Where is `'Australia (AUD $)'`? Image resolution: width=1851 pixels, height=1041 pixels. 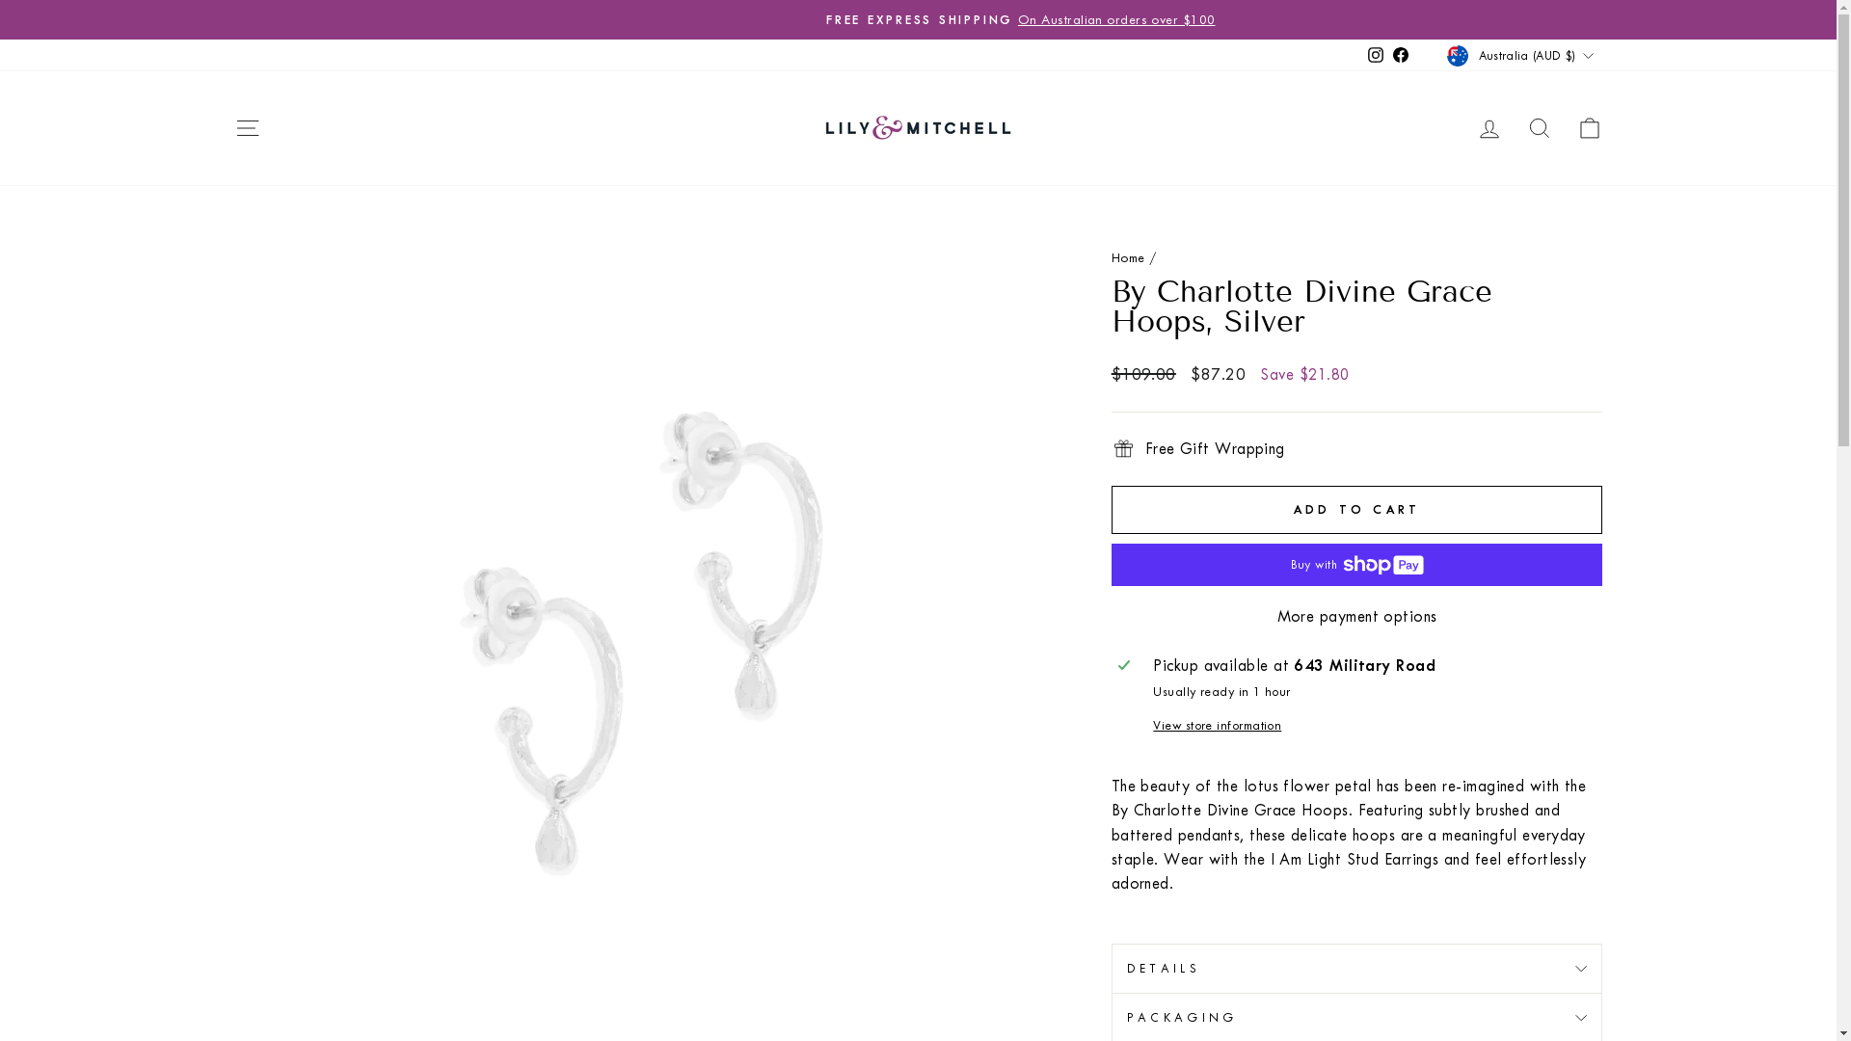 'Australia (AUD $)' is located at coordinates (1521, 54).